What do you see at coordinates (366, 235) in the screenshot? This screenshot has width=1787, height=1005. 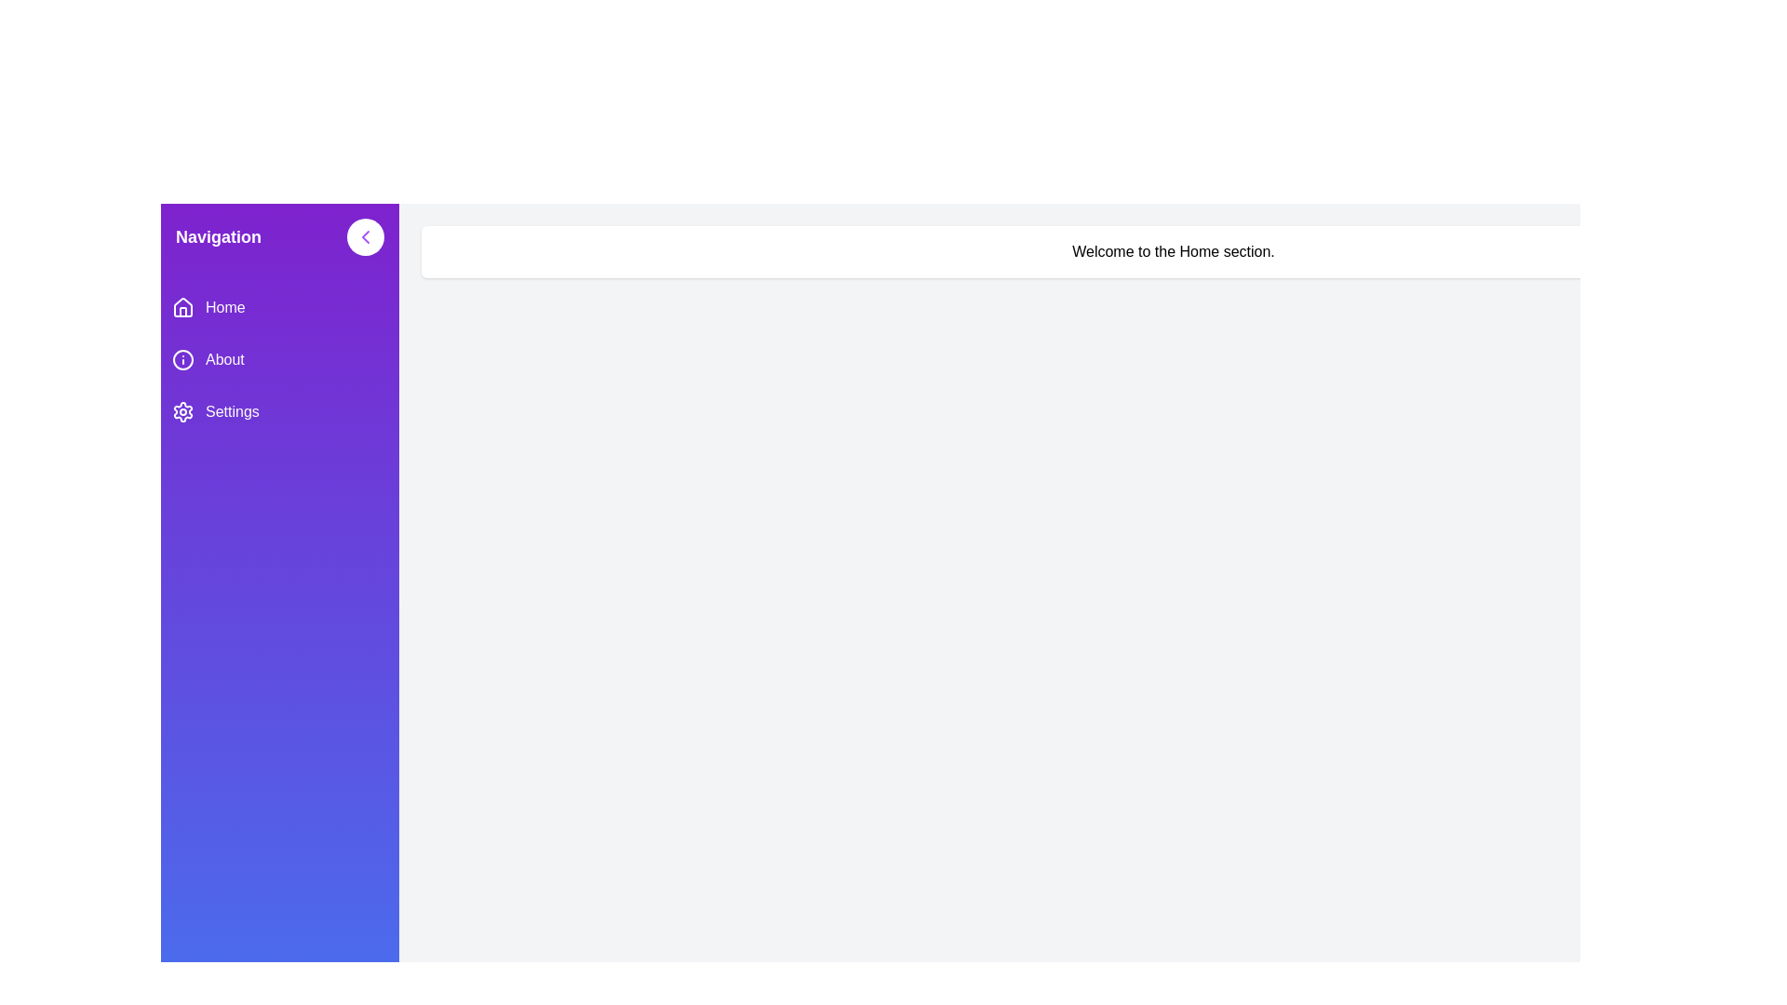 I see `the chevron-arrow icon located in the circular area near the top-left corner of the navigation sidebar` at bounding box center [366, 235].